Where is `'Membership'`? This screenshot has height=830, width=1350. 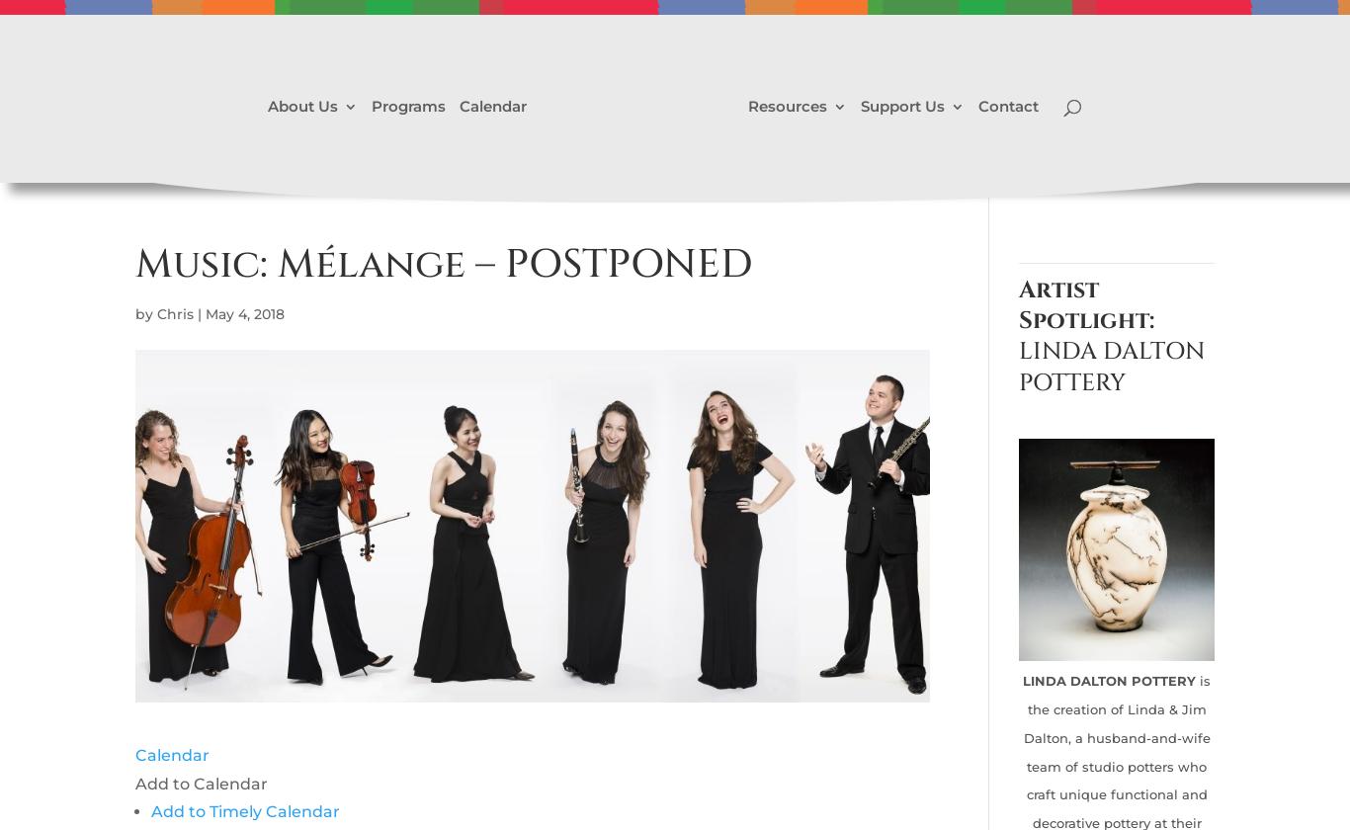
'Membership' is located at coordinates (947, 223).